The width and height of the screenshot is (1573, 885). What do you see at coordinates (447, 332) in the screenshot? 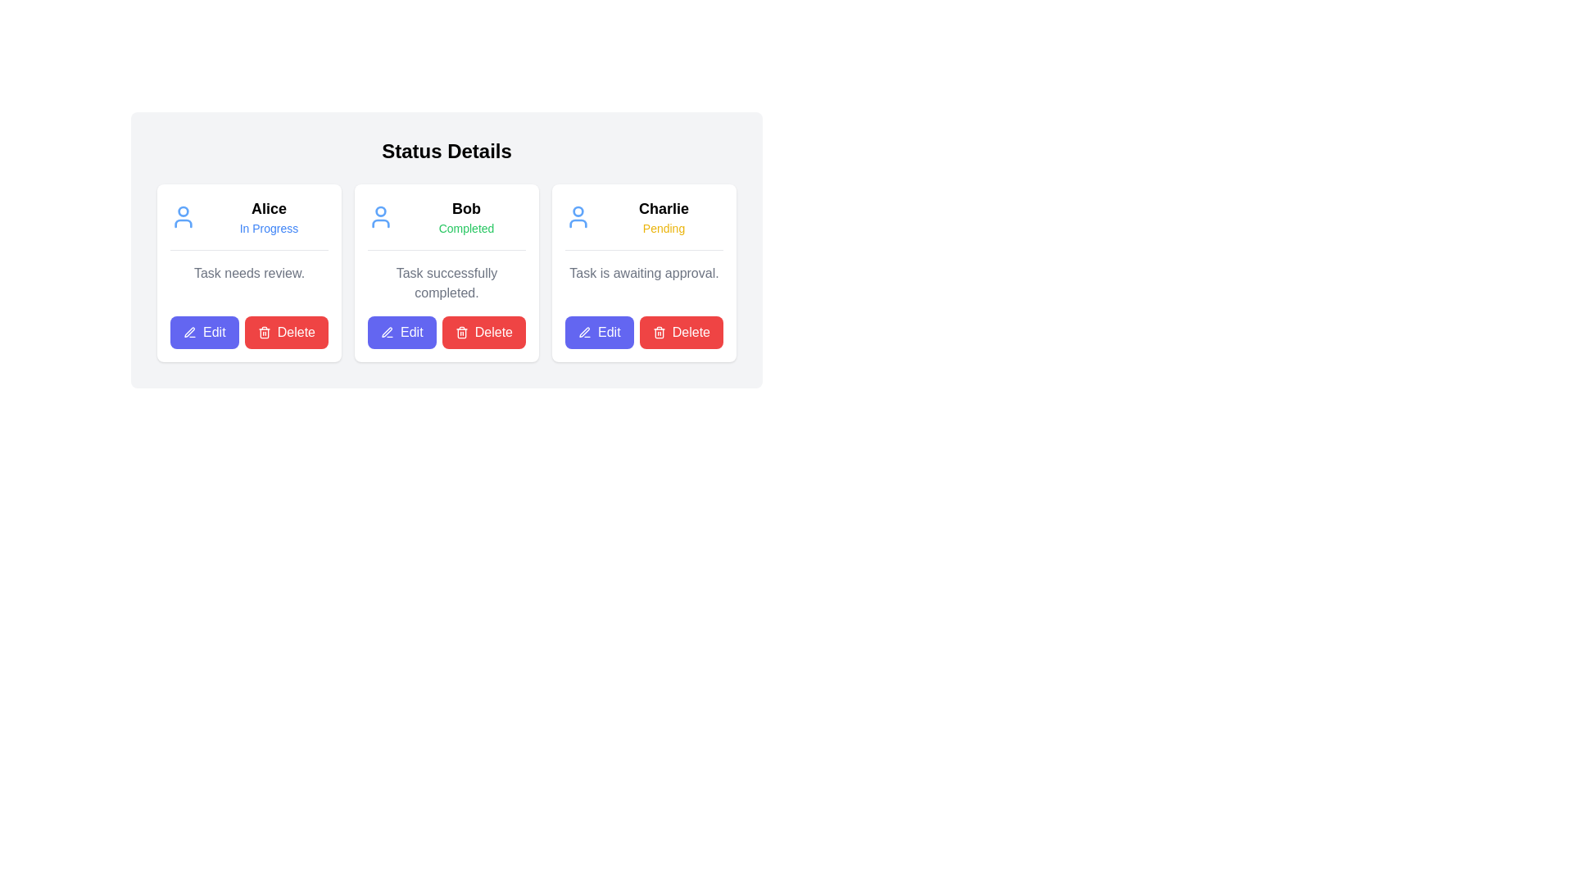
I see `the Action button group located below the profile card of 'Bob', which is the third card in a row of three similar cards` at bounding box center [447, 332].